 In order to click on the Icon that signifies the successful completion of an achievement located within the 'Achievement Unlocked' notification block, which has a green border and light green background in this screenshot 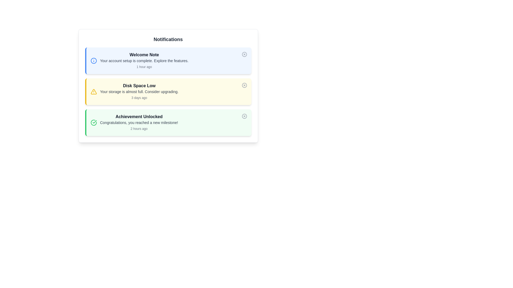, I will do `click(94, 122)`.